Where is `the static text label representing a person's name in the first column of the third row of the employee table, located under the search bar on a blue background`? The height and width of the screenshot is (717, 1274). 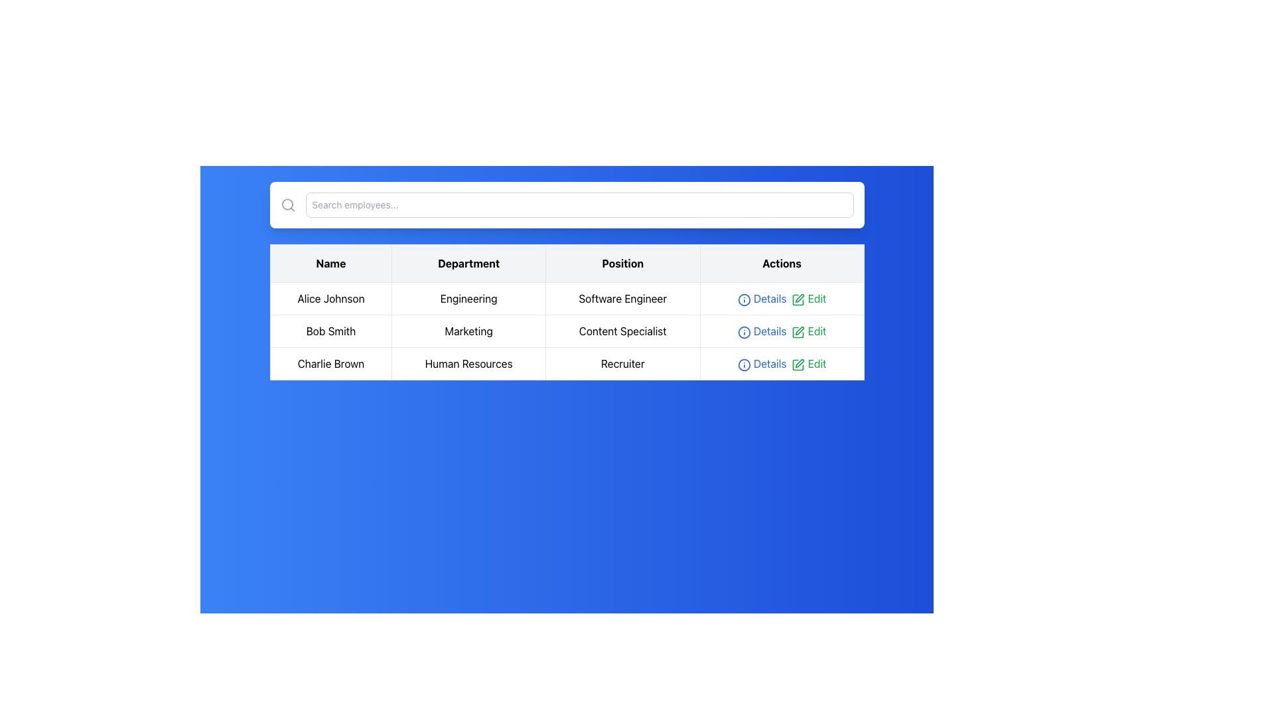
the static text label representing a person's name in the first column of the third row of the employee table, located under the search bar on a blue background is located at coordinates (331, 363).